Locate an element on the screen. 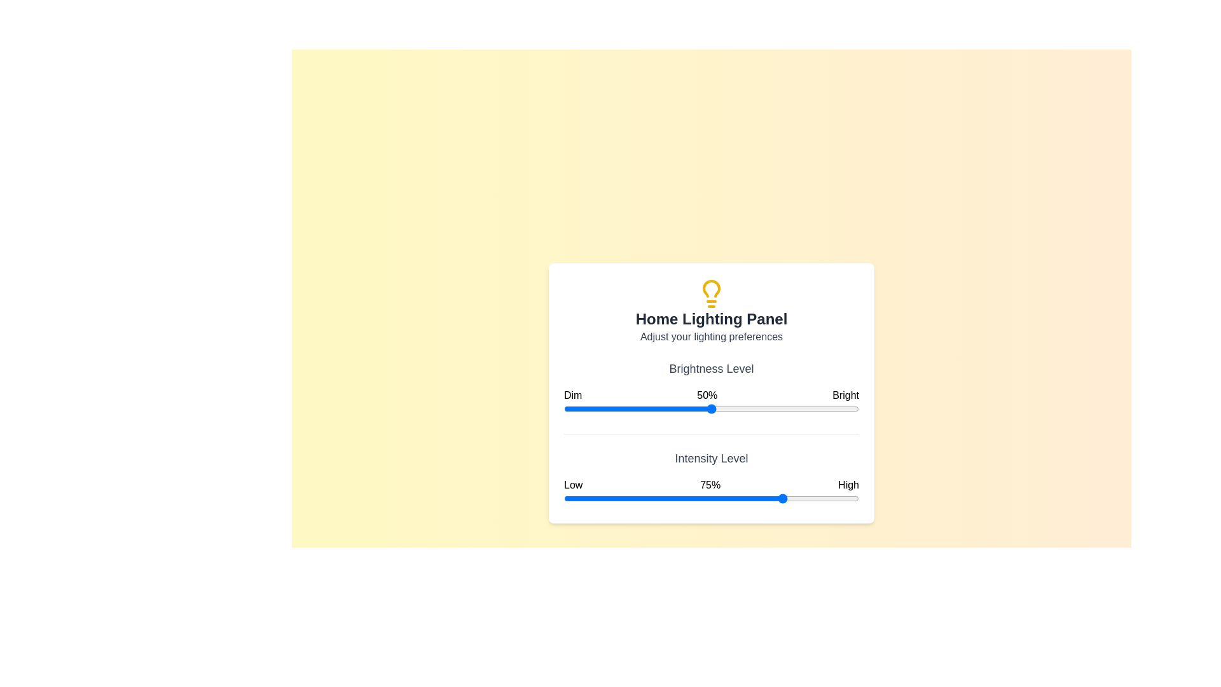  the brightness level is located at coordinates (578, 408).